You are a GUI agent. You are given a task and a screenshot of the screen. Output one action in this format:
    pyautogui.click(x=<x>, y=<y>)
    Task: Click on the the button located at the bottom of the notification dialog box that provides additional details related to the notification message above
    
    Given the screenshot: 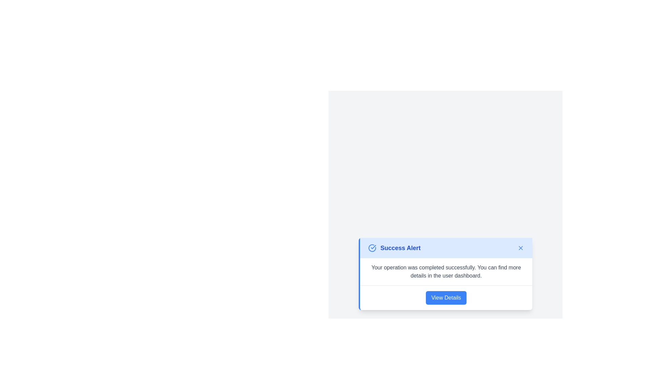 What is the action you would take?
    pyautogui.click(x=446, y=297)
    